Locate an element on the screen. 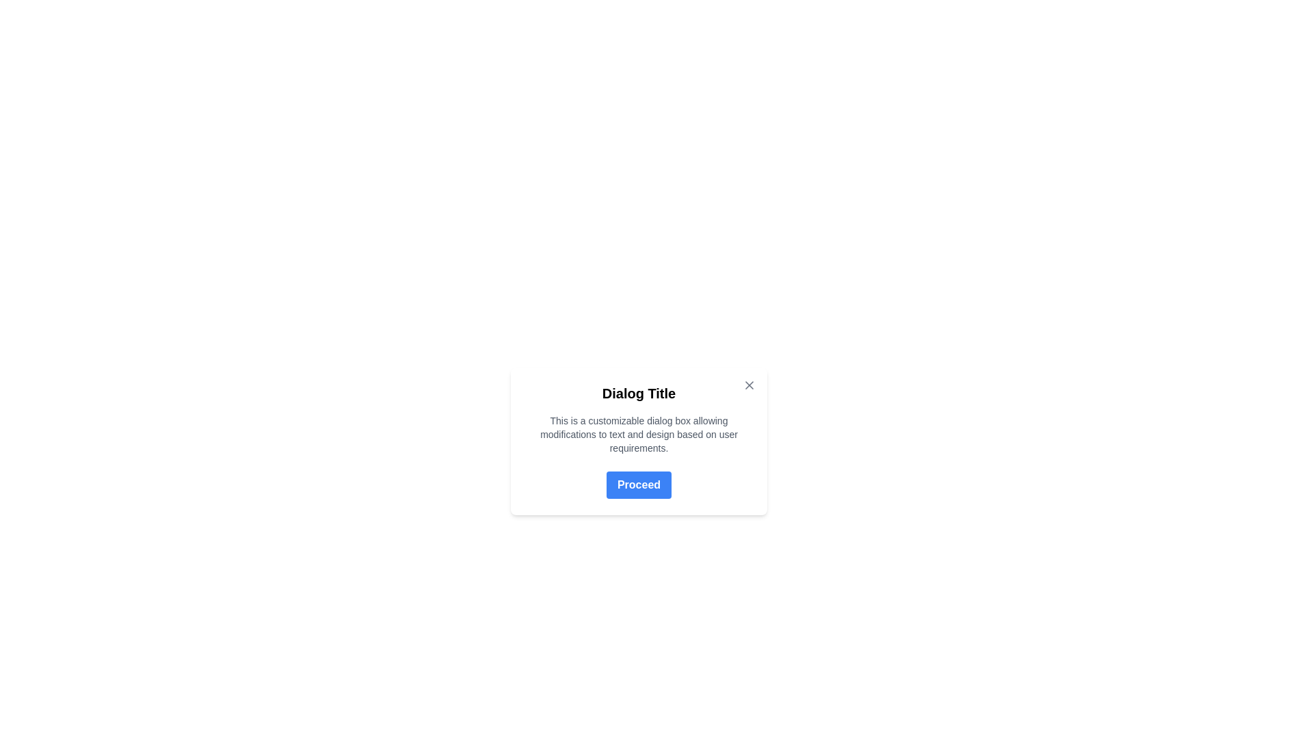  the text element styled with a bold and slightly larger font size that contains the text 'Dialog Title', located at the top section of the dialog box is located at coordinates (638, 393).